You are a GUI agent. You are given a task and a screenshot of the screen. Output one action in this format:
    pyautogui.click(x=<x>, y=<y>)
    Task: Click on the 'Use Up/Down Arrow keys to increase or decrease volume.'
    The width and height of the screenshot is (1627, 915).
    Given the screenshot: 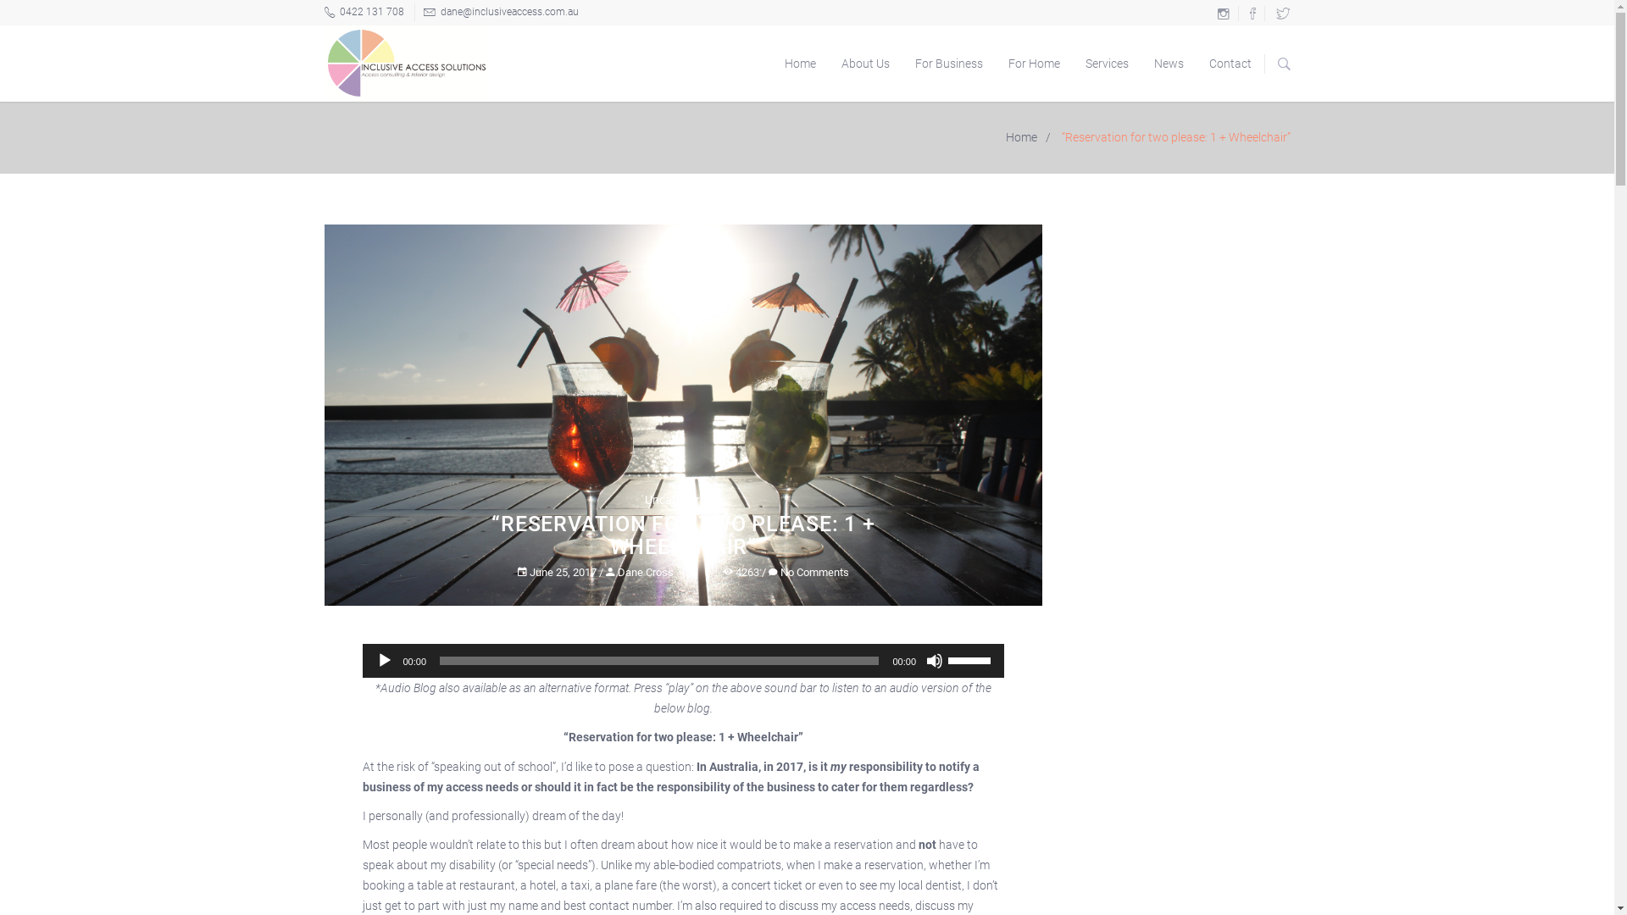 What is the action you would take?
    pyautogui.click(x=972, y=658)
    